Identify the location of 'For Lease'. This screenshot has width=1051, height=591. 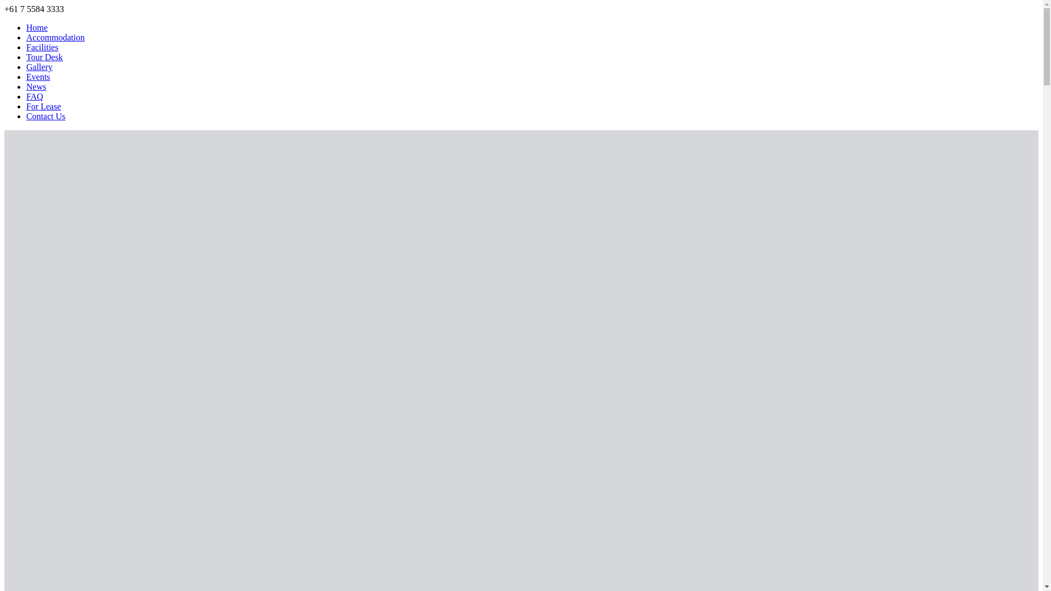
(44, 106).